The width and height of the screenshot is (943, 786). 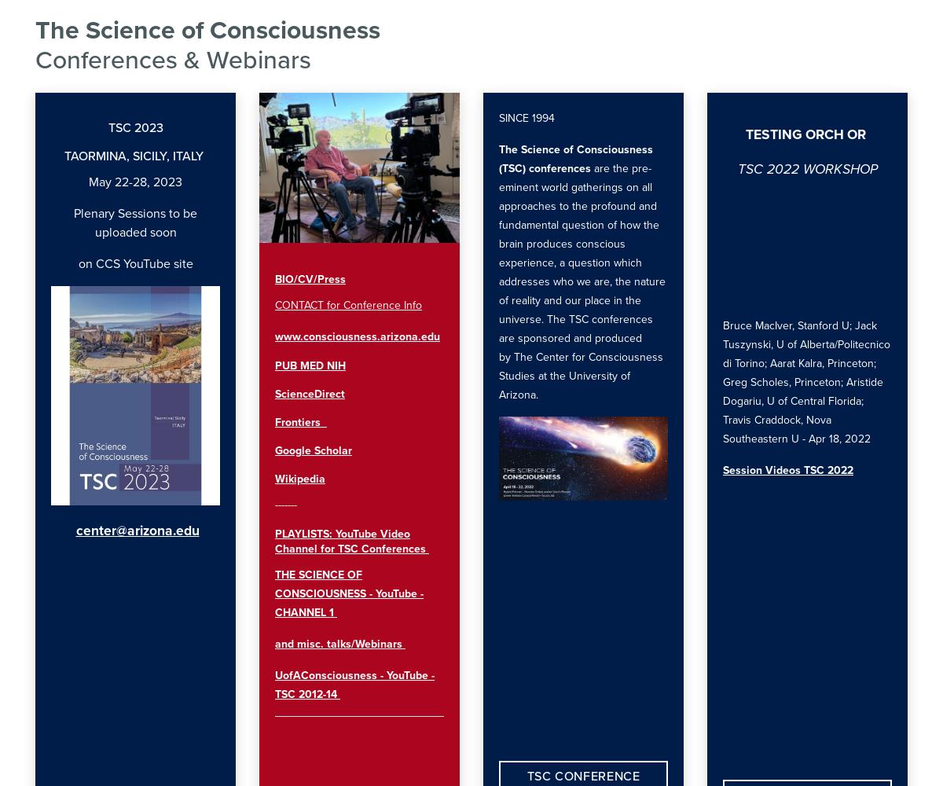 What do you see at coordinates (134, 263) in the screenshot?
I see `'on CCS YouTube site'` at bounding box center [134, 263].